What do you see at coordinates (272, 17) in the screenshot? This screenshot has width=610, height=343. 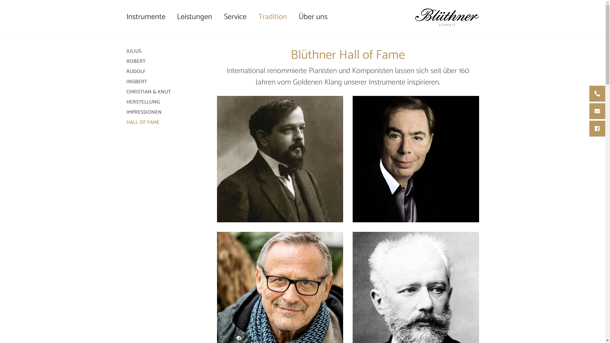 I see `'Tradition'` at bounding box center [272, 17].